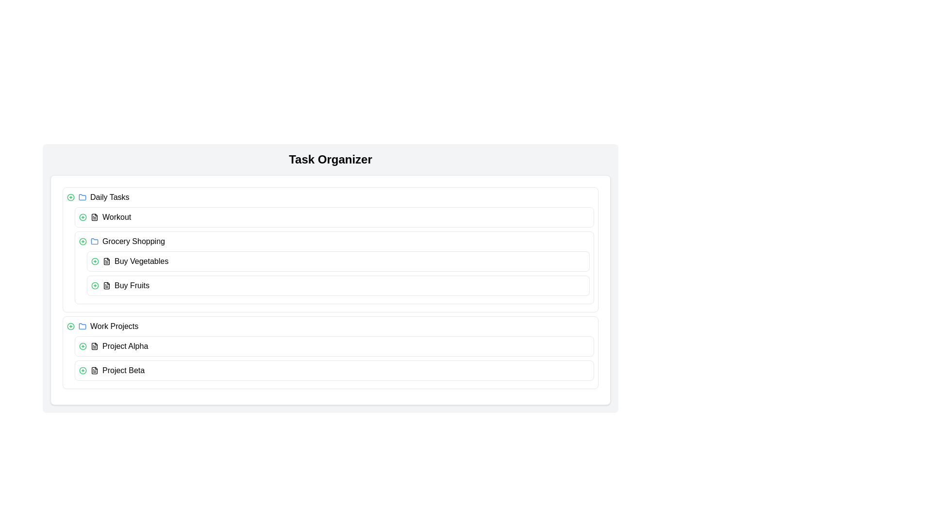 The height and width of the screenshot is (524, 932). I want to click on displayed text 'Buy Fruits' which is styled in black font and is the last item under the 'Grocery Shopping' category in the task organizer interface, so click(132, 285).